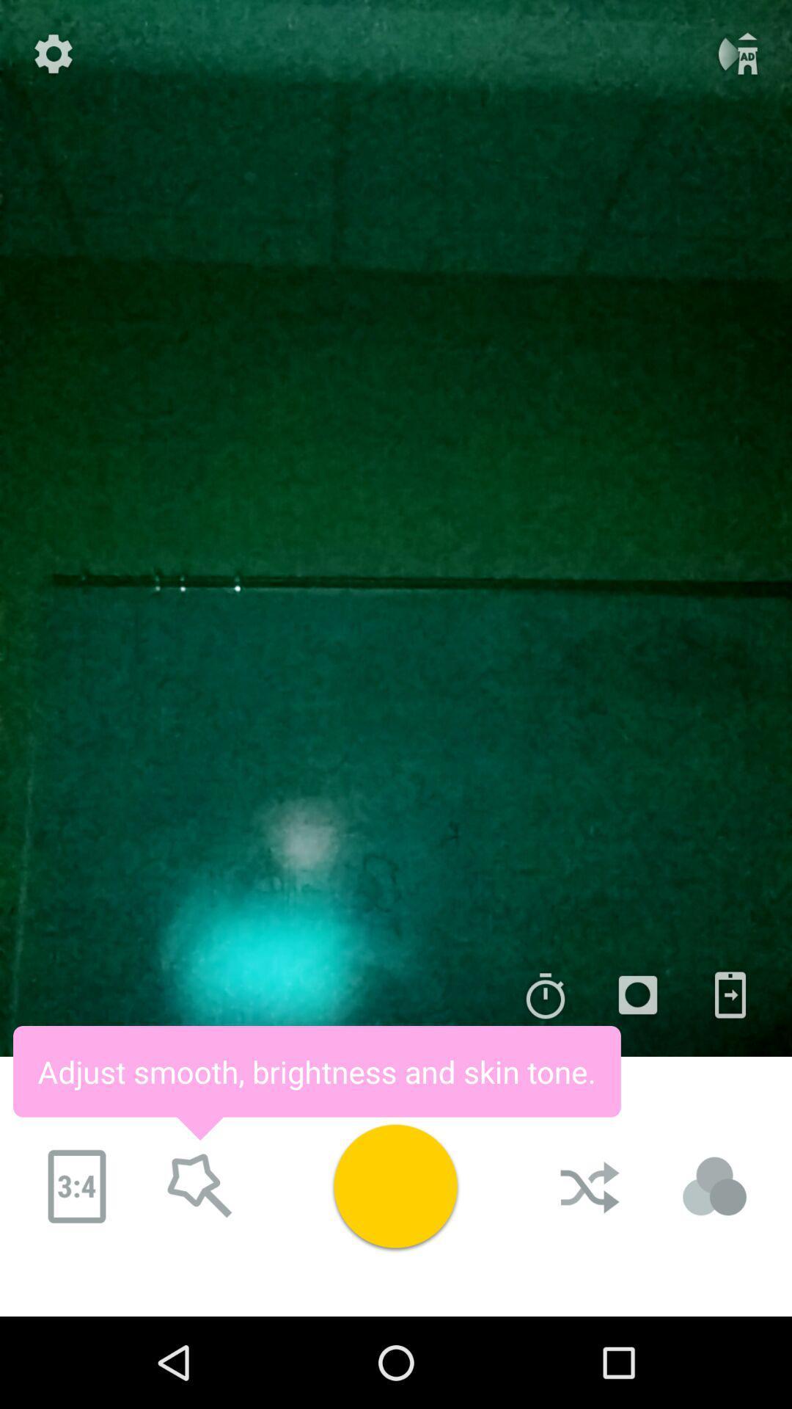 The height and width of the screenshot is (1409, 792). Describe the element at coordinates (730, 995) in the screenshot. I see `apps` at that location.